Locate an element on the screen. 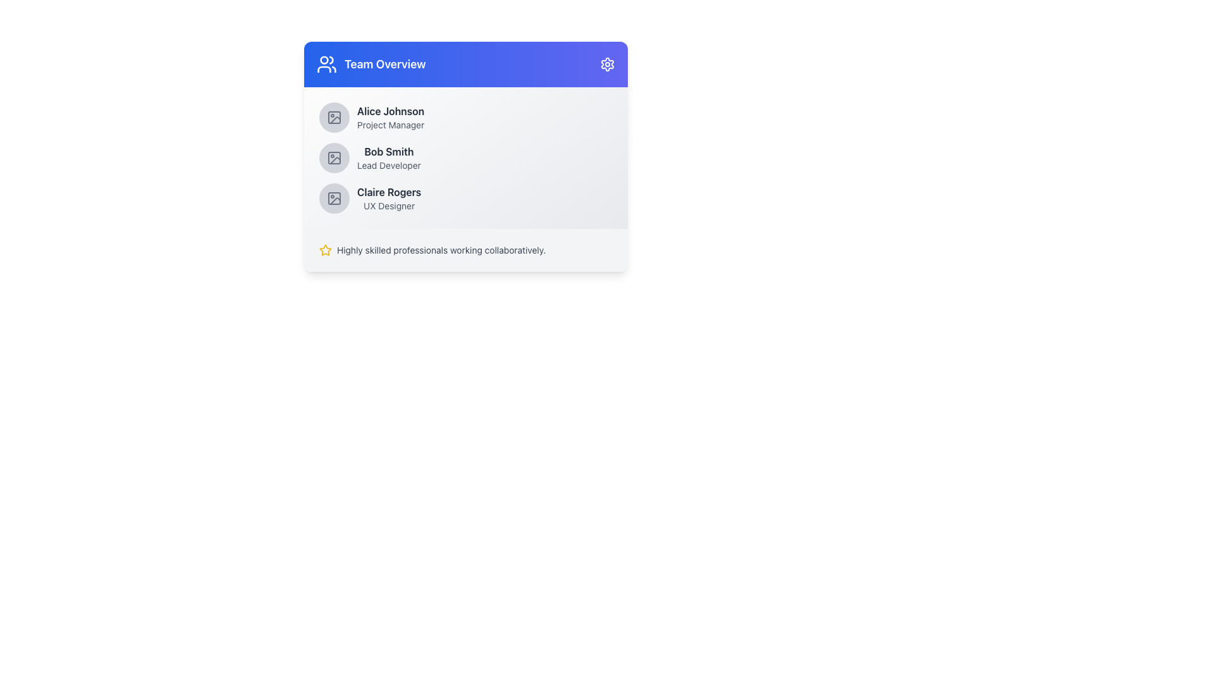 This screenshot has height=683, width=1214. the user avatar icon for 'Bob Smith, Lead Developer' located in the 'Team Overview' section is located at coordinates (334, 157).